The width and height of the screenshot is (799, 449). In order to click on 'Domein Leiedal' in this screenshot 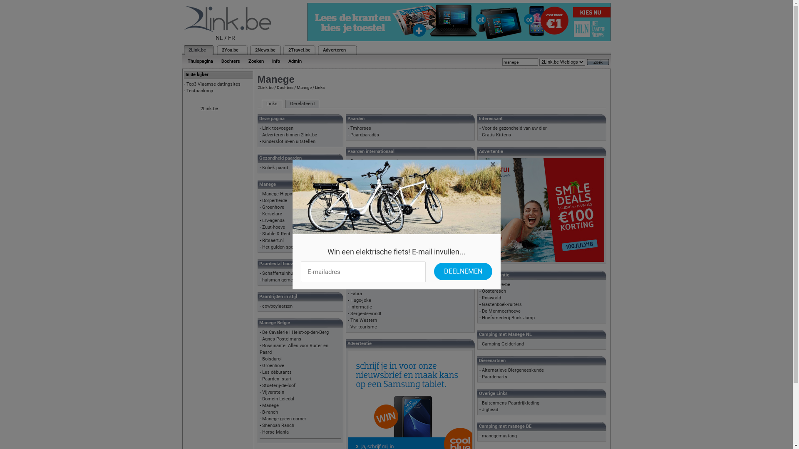, I will do `click(278, 398)`.